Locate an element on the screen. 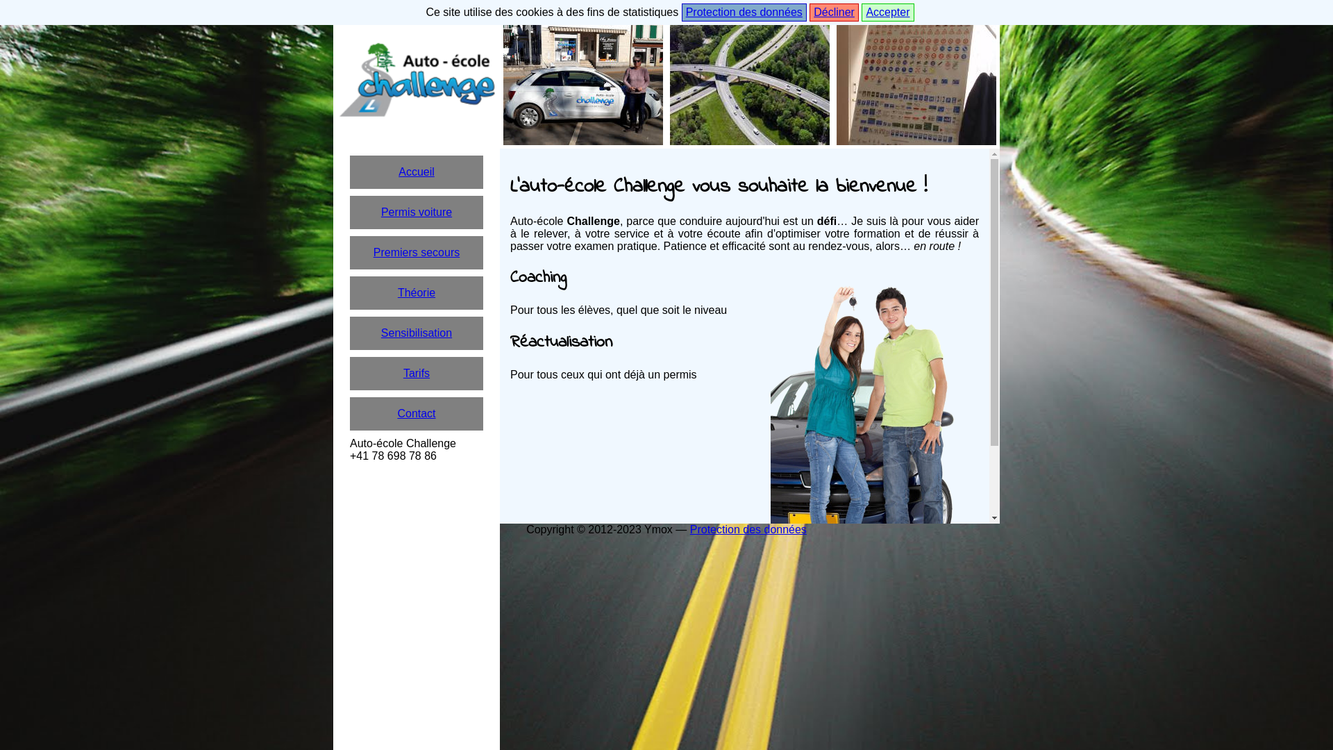  'Permis voiture' is located at coordinates (350, 212).